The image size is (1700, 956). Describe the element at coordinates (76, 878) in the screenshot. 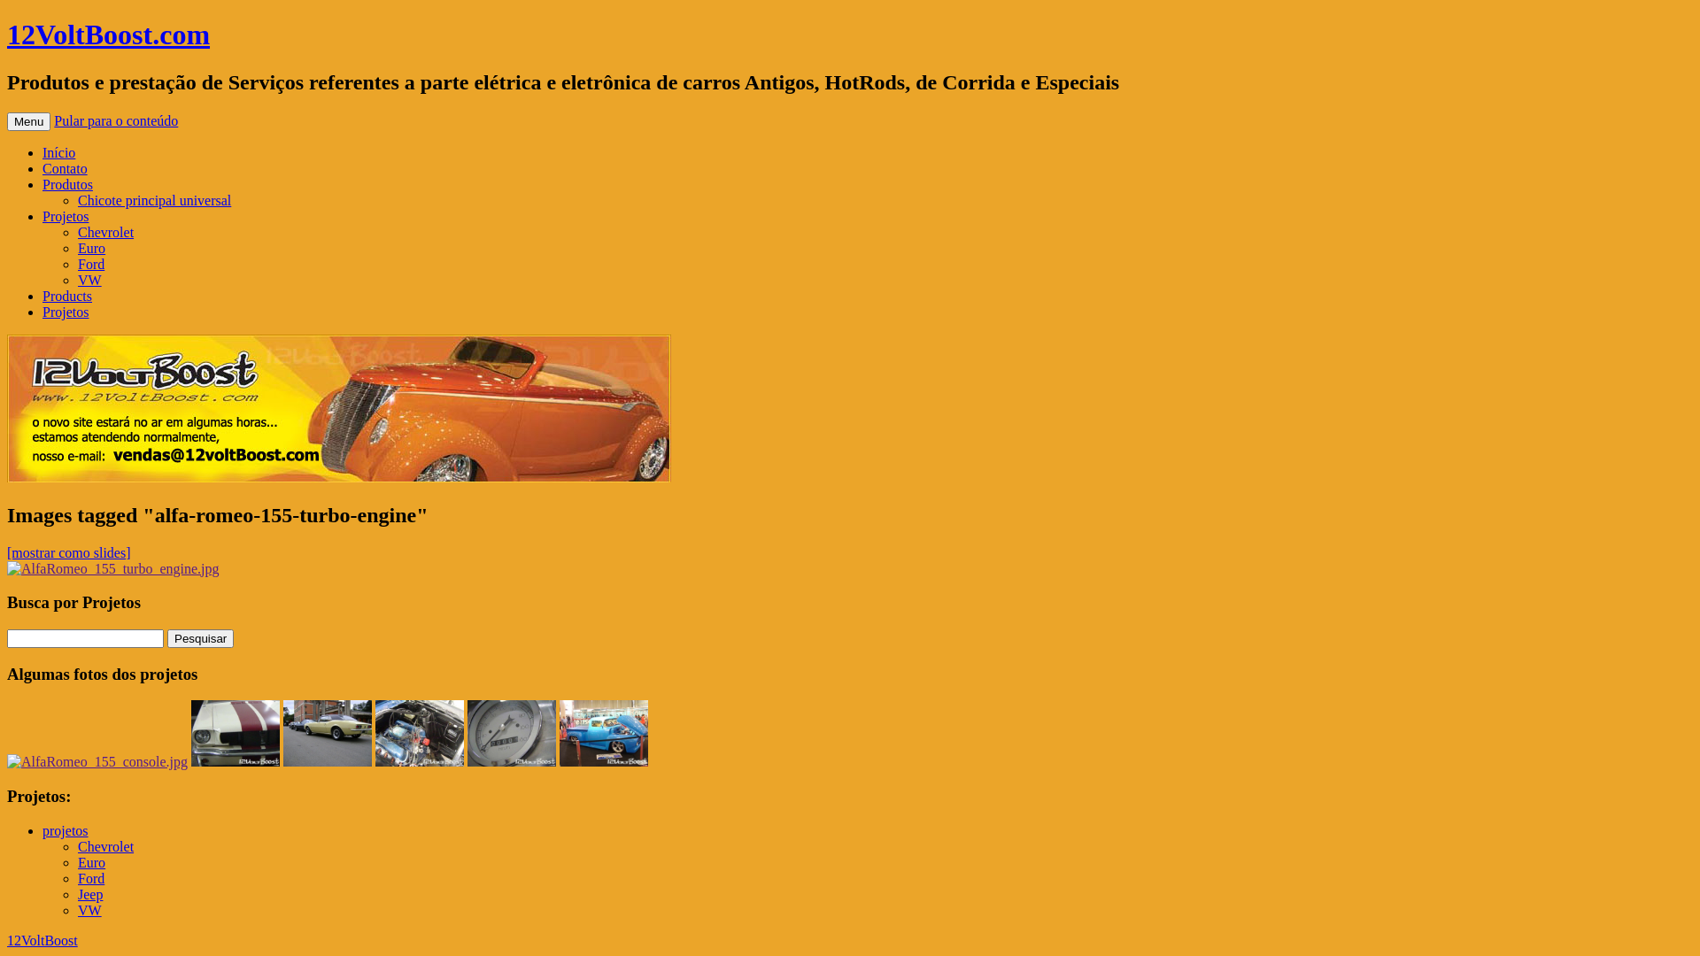

I see `'Ford'` at that location.